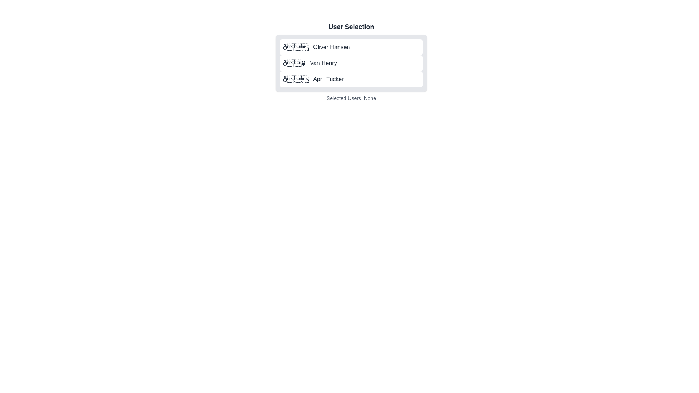 The image size is (699, 393). I want to click on the selectable list item labeled 'Van Henry', so click(351, 63).